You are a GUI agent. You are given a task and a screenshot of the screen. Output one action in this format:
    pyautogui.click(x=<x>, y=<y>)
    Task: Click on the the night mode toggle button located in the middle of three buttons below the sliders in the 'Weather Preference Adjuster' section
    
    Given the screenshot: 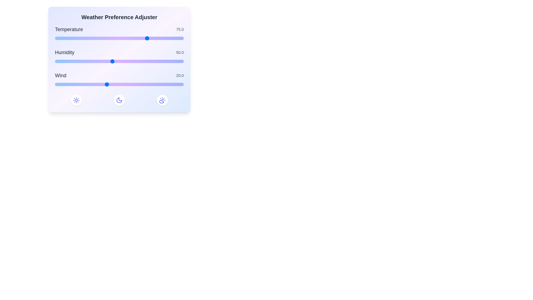 What is the action you would take?
    pyautogui.click(x=119, y=100)
    